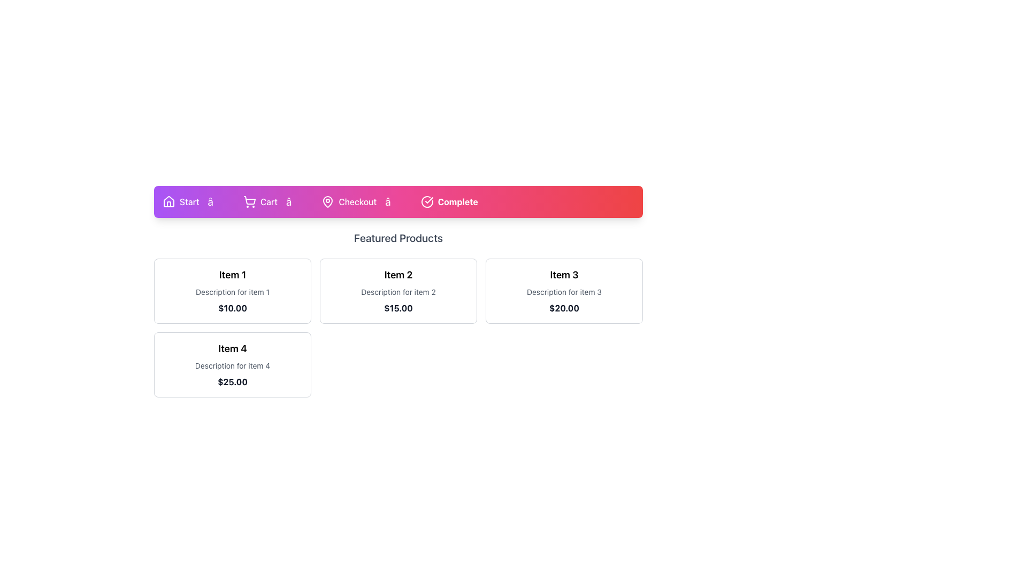 The image size is (1027, 577). What do you see at coordinates (168, 201) in the screenshot?
I see `the house icon located in the top-left corner of the navigation bar, which features a sharp outline and minimalistic design` at bounding box center [168, 201].